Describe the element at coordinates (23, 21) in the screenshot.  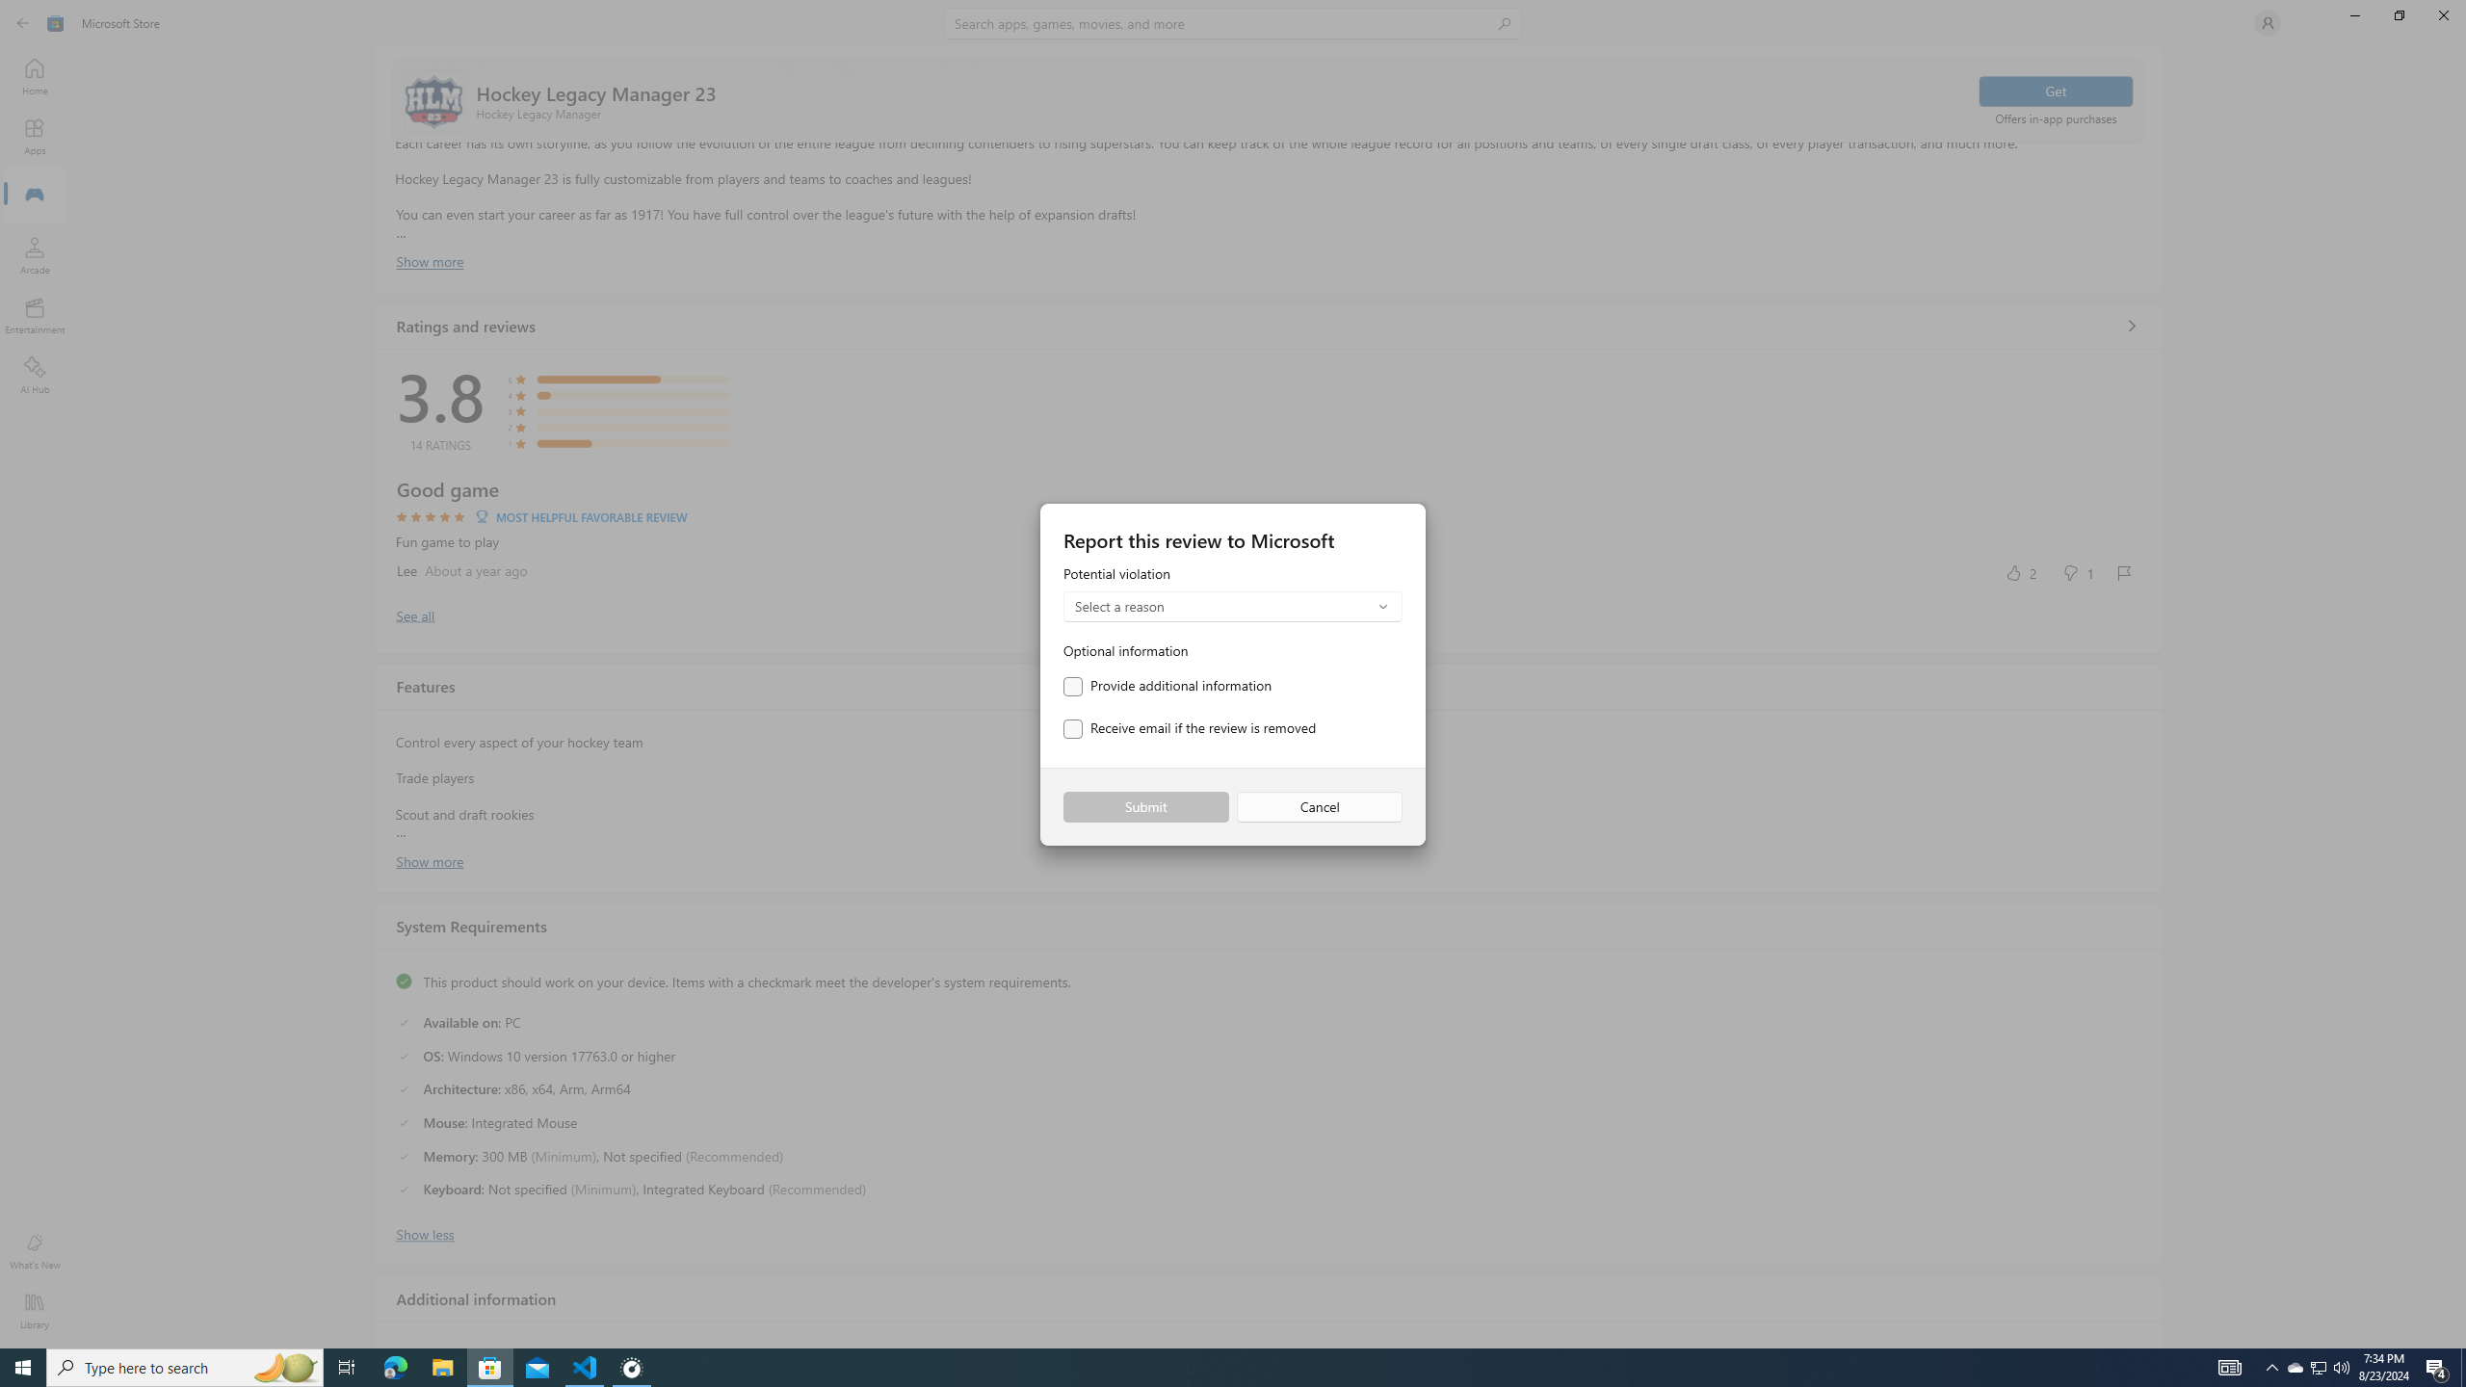
I see `'Back'` at that location.